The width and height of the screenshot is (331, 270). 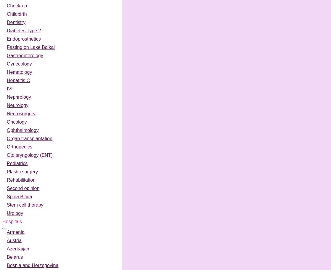 I want to click on 'Nephrology', so click(x=19, y=97).